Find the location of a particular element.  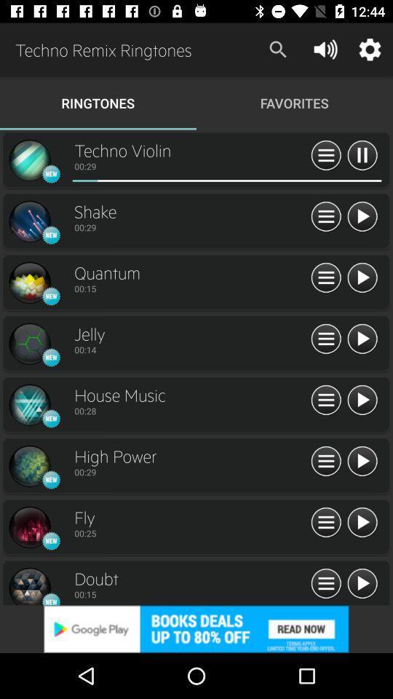

quantum symbol is located at coordinates (29, 282).